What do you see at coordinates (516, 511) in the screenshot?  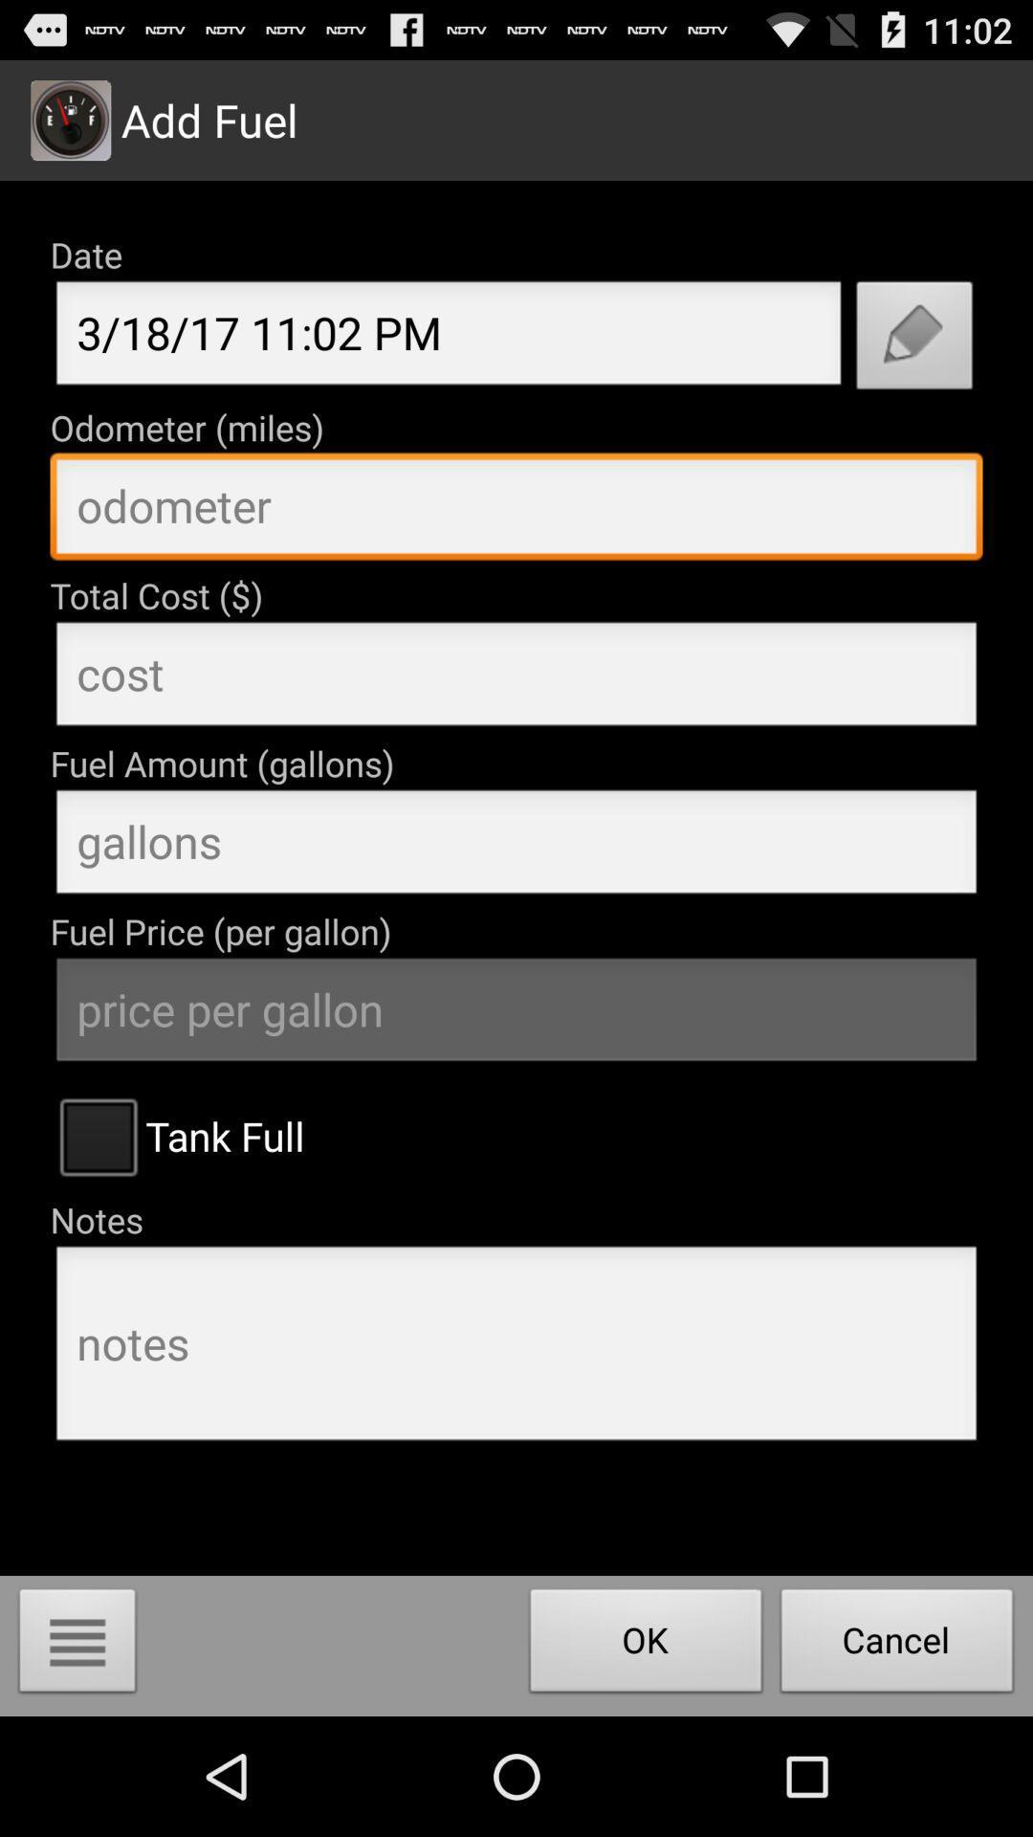 I see `current mileage` at bounding box center [516, 511].